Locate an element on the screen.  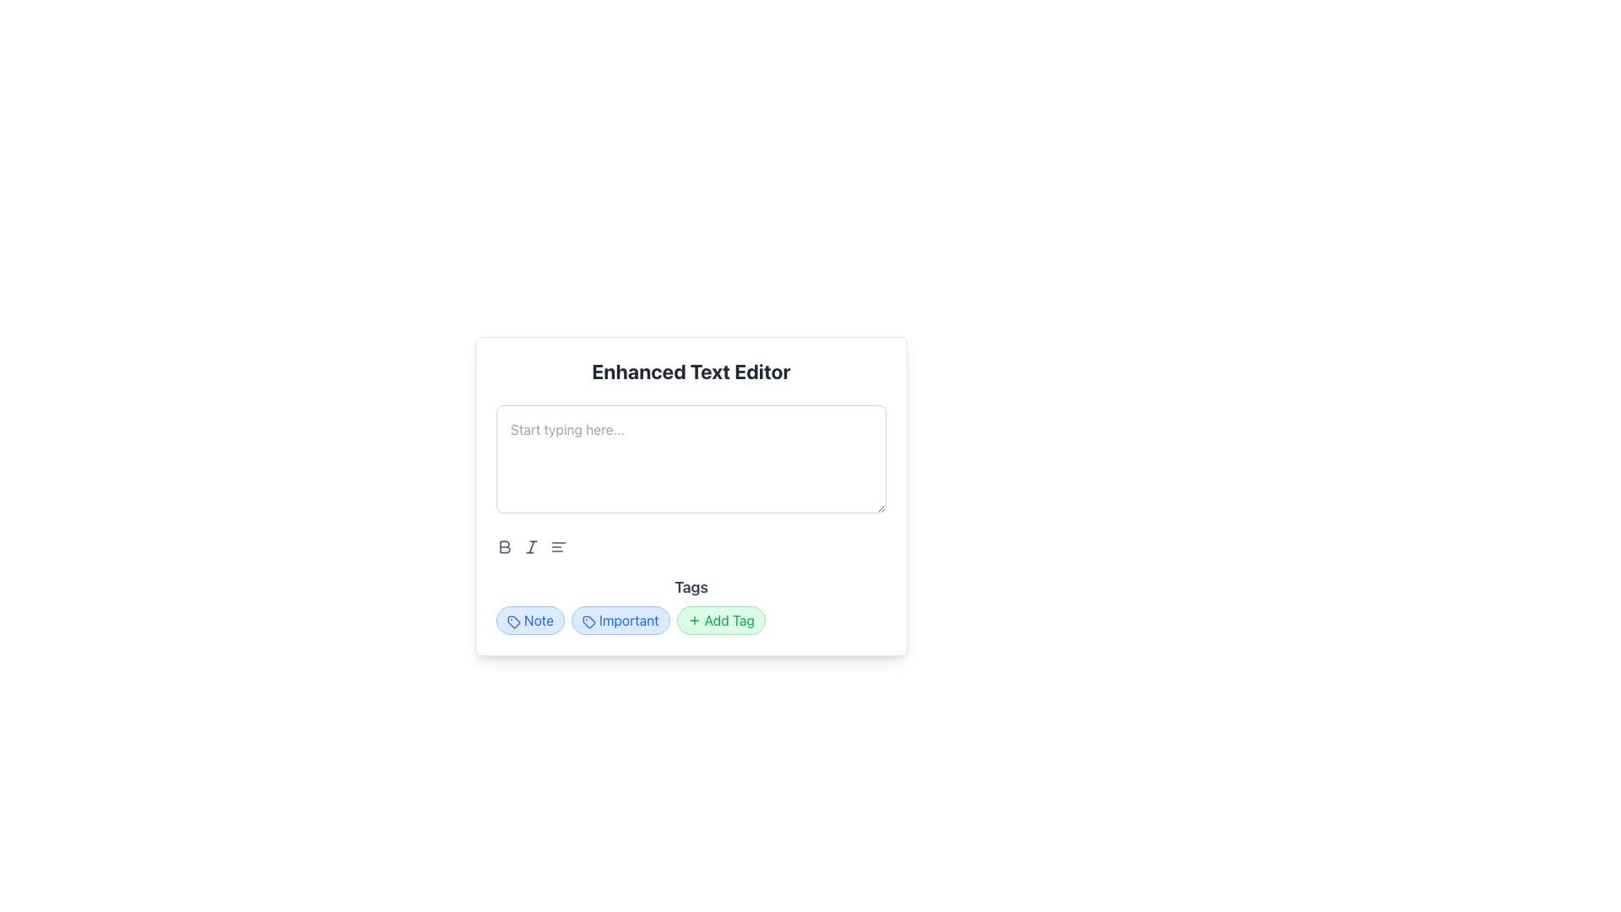
the 'Important' label, which is the second pill-shaped tag in the 'Tags' section with a blue outline and blue text, located between the 'Note' tag and the 'Add Tag' button is located at coordinates (620, 621).